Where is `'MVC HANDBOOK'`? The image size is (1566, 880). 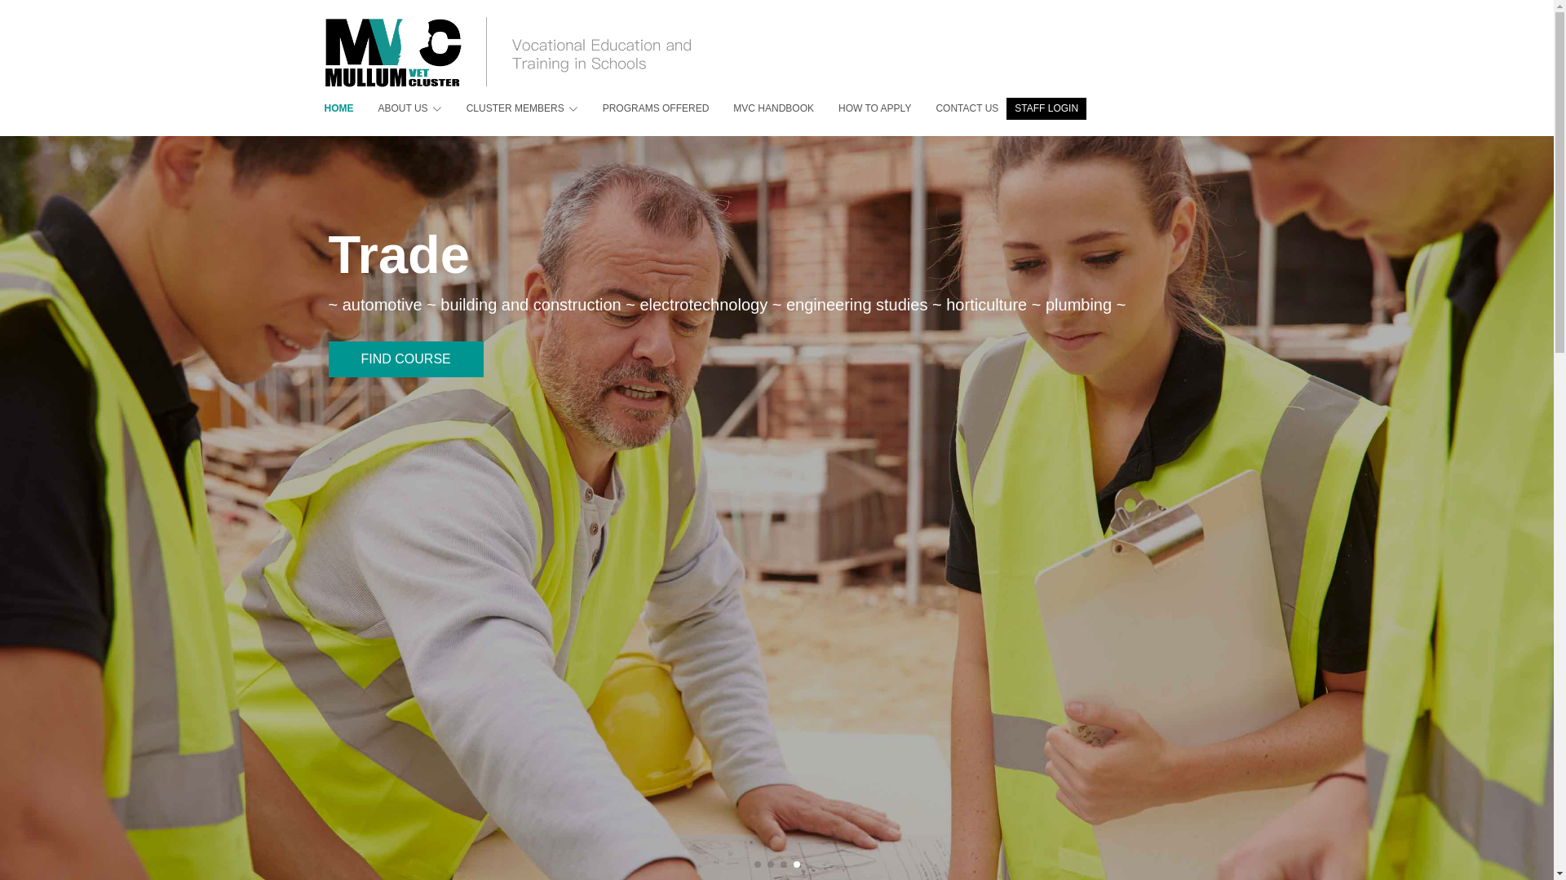
'MVC HANDBOOK' is located at coordinates (760, 108).